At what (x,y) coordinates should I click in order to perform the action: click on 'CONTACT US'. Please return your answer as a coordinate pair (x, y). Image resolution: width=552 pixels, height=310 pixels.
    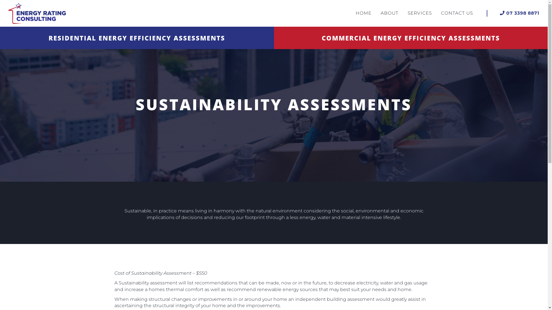
    Looking at the image, I should click on (457, 13).